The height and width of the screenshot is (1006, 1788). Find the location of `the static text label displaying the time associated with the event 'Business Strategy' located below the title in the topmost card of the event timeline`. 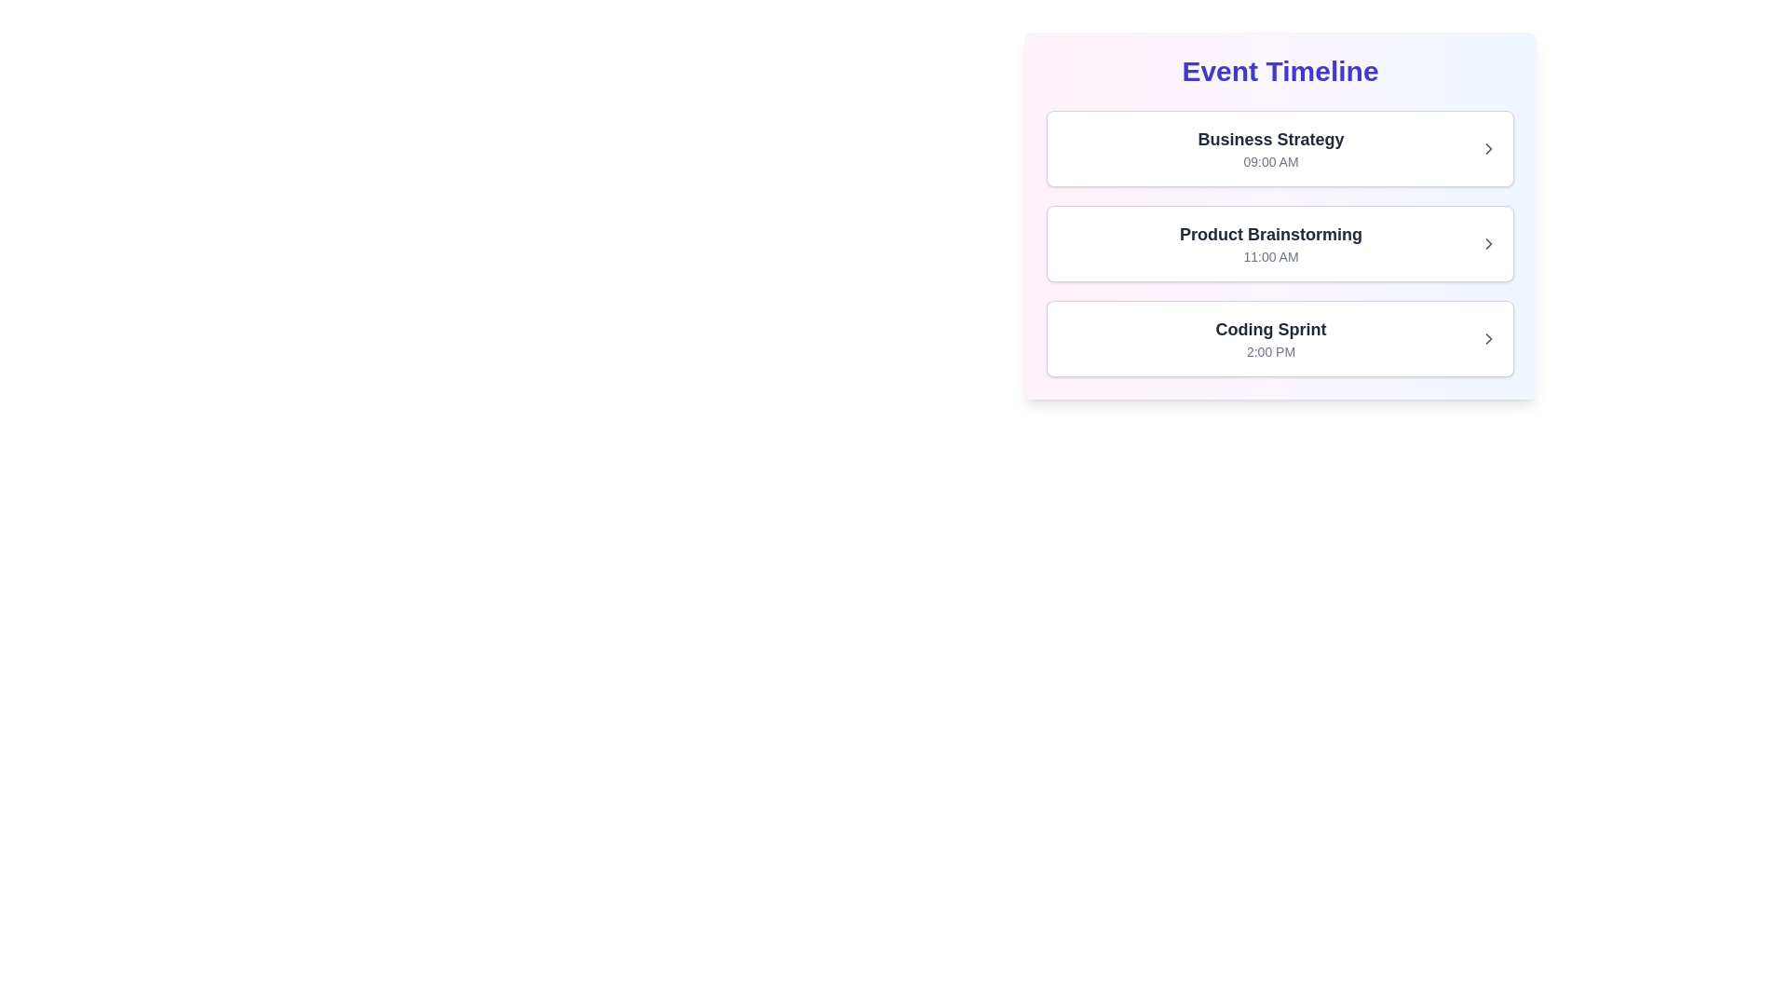

the static text label displaying the time associated with the event 'Business Strategy' located below the title in the topmost card of the event timeline is located at coordinates (1269, 160).